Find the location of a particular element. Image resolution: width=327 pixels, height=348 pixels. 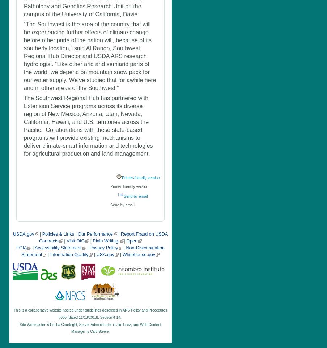

'Visit OIG' is located at coordinates (76, 241).